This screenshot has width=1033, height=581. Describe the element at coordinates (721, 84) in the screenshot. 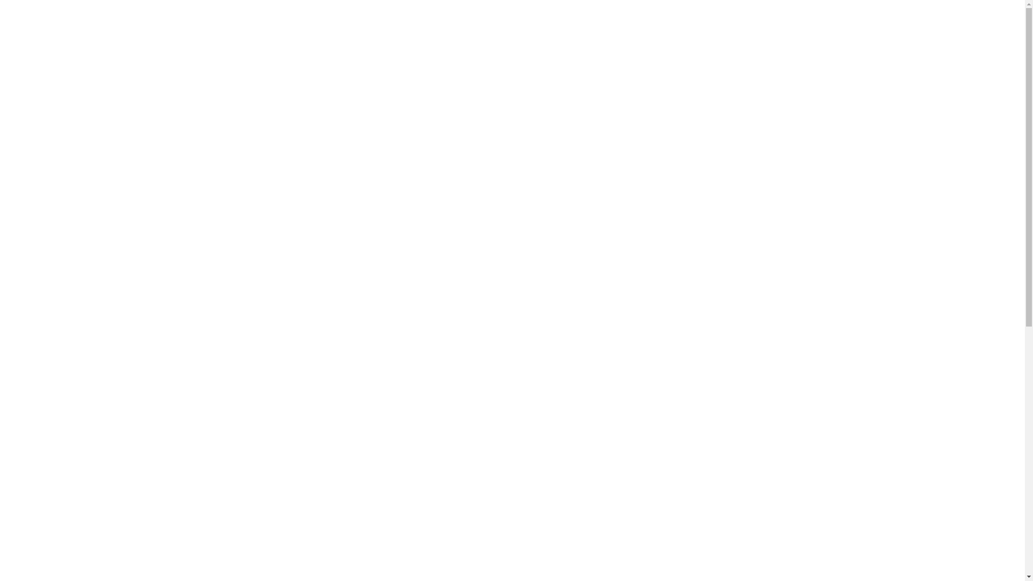

I see `'DA'` at that location.